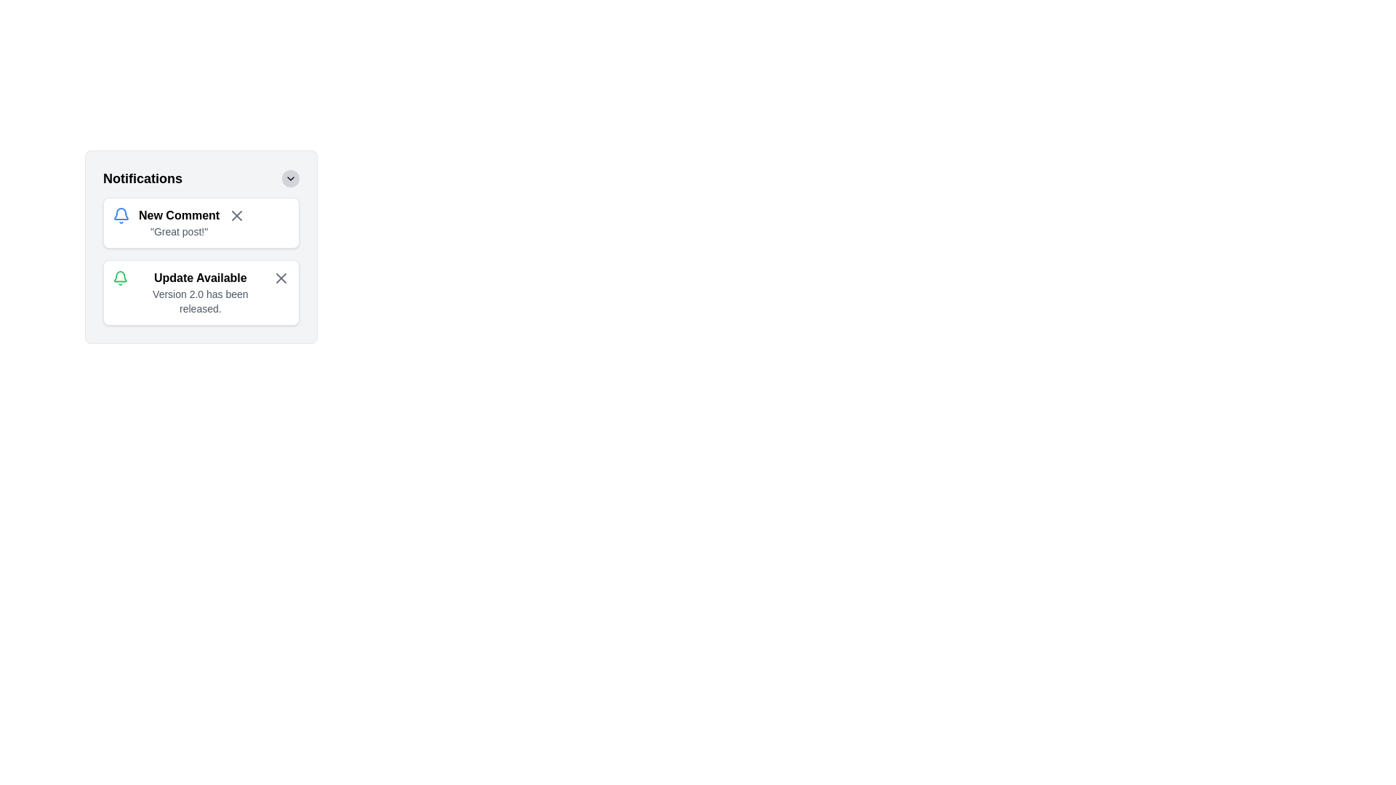 This screenshot has height=785, width=1396. I want to click on the close button located to the far right of the 'New Comment' notification entry, so click(237, 216).